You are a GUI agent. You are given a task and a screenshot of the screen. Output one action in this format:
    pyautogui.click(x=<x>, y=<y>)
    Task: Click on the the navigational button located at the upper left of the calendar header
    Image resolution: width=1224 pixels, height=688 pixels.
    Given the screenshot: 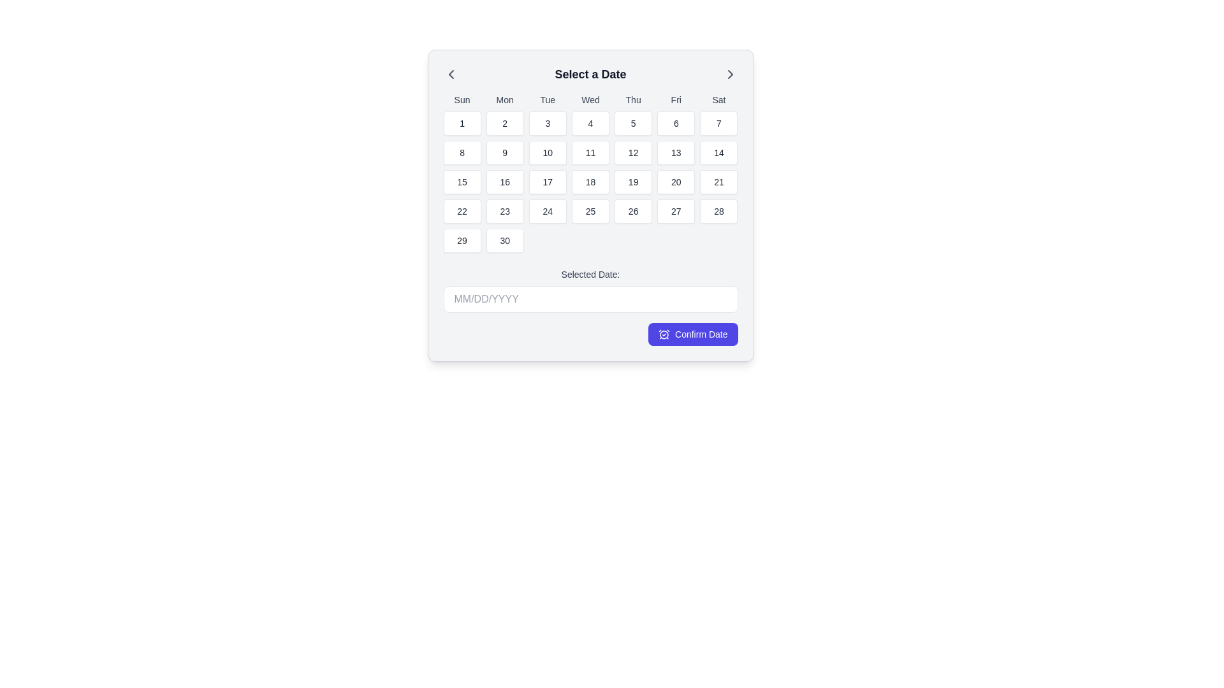 What is the action you would take?
    pyautogui.click(x=451, y=74)
    